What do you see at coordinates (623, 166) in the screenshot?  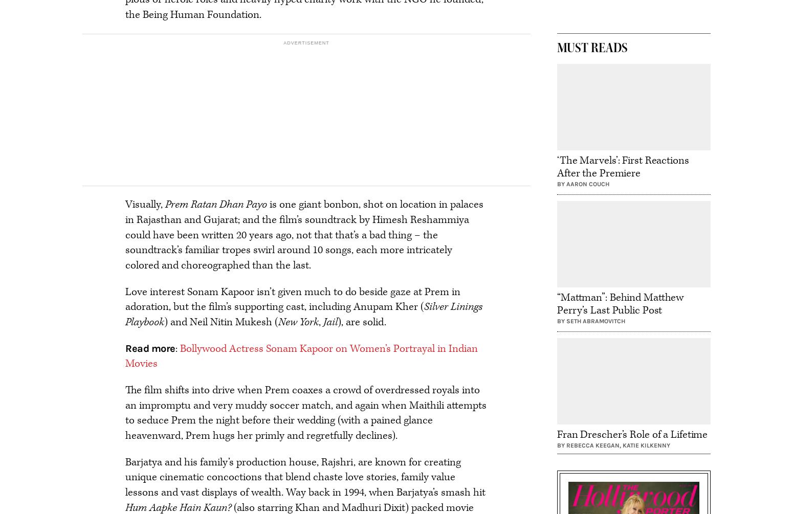 I see `'‘The Marvels’: First Reactions After the Premiere'` at bounding box center [623, 166].